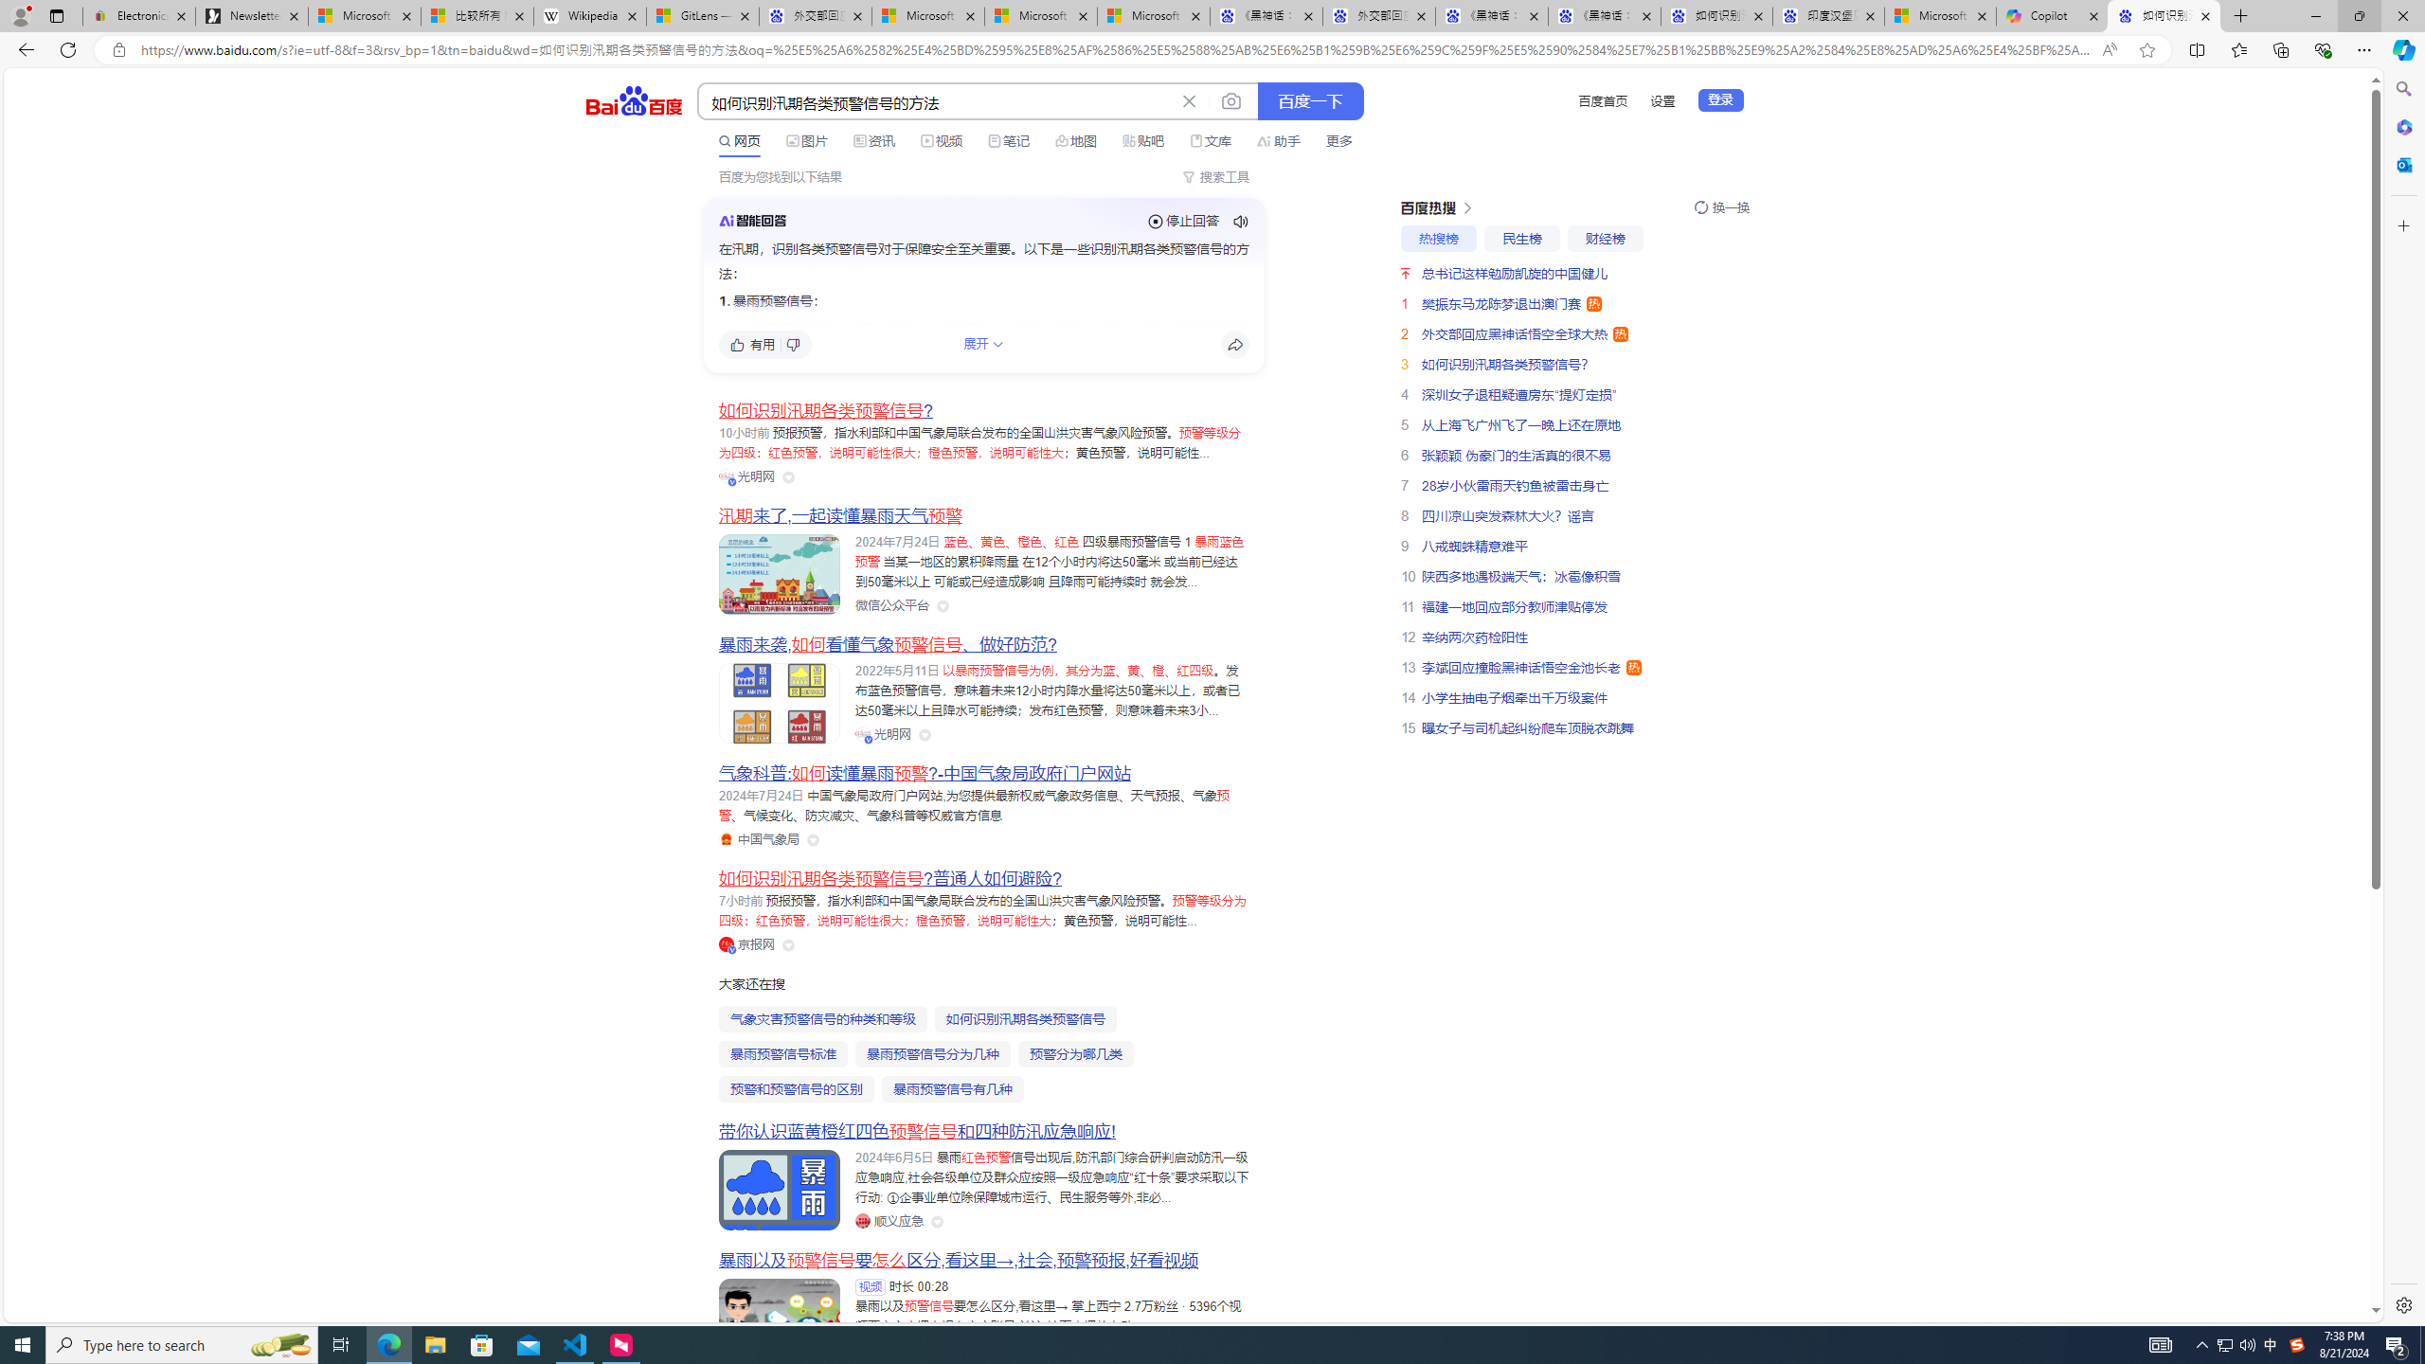 This screenshot has width=2425, height=1364. Describe the element at coordinates (2052, 15) in the screenshot. I see `'Copilot'` at that location.